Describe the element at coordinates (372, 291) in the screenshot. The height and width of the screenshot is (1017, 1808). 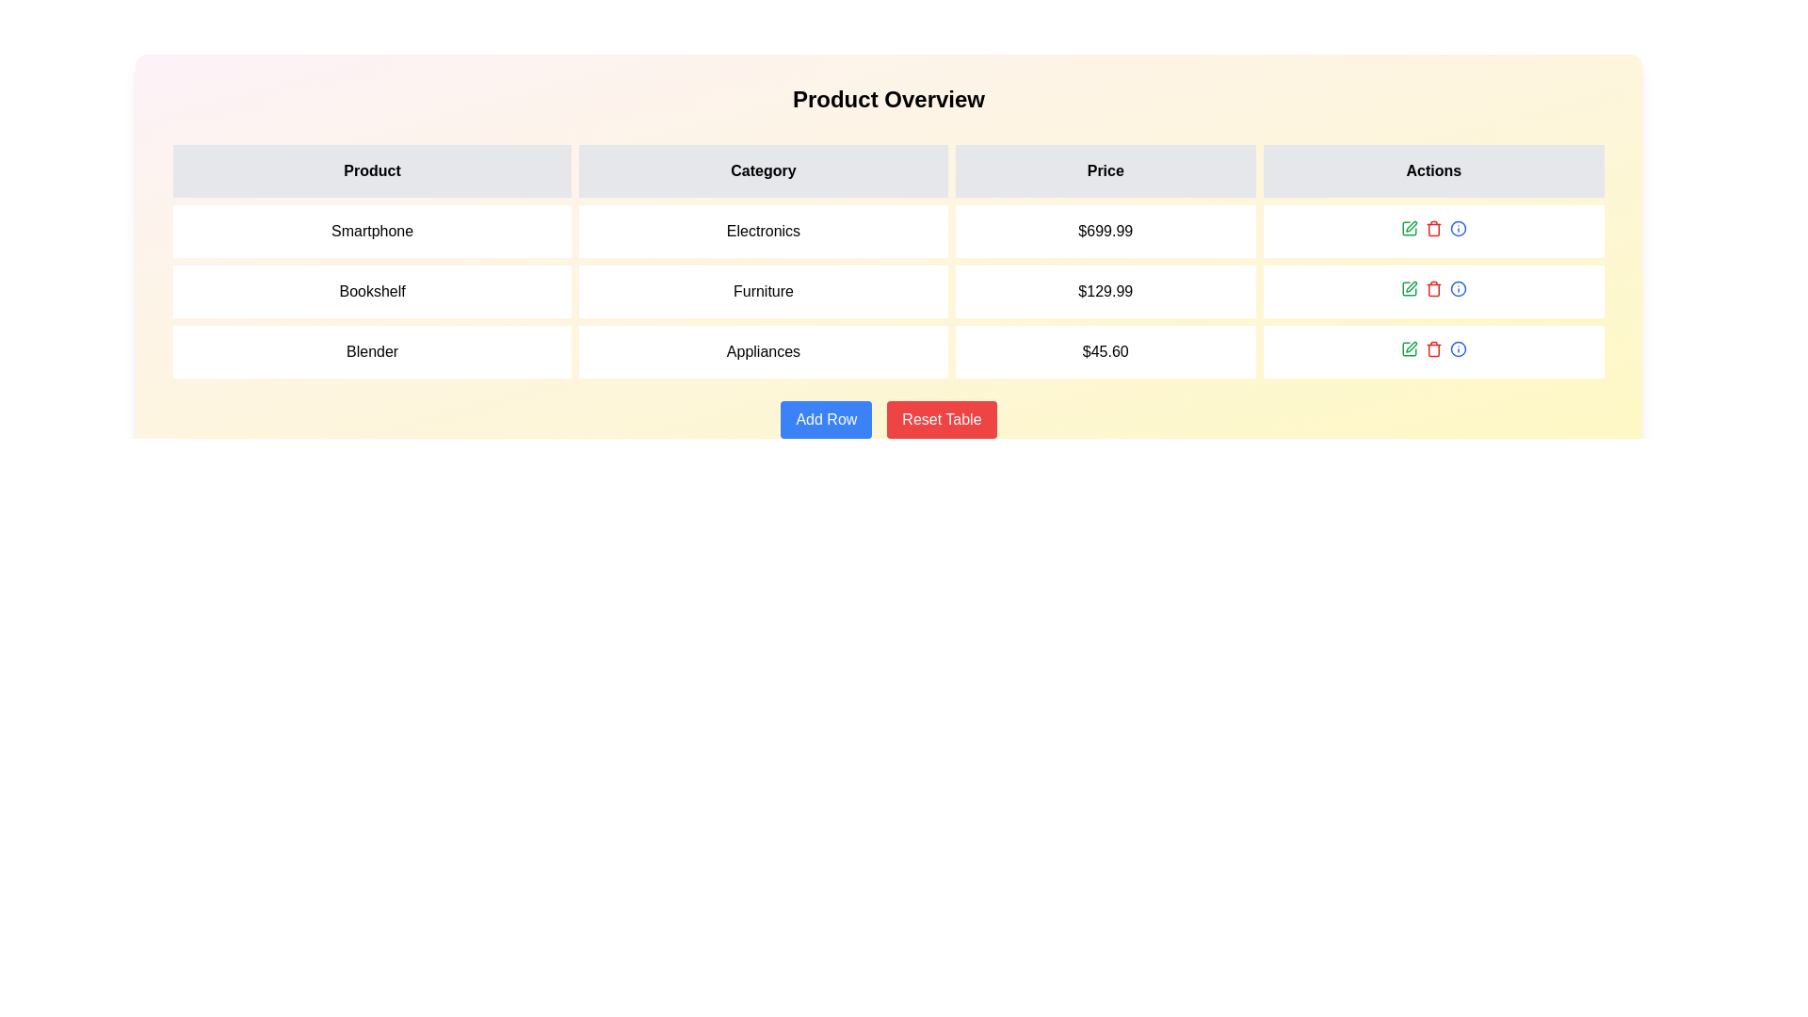
I see `the Text Label indicating the product name in the second row of the table under the 'Product' column` at that location.